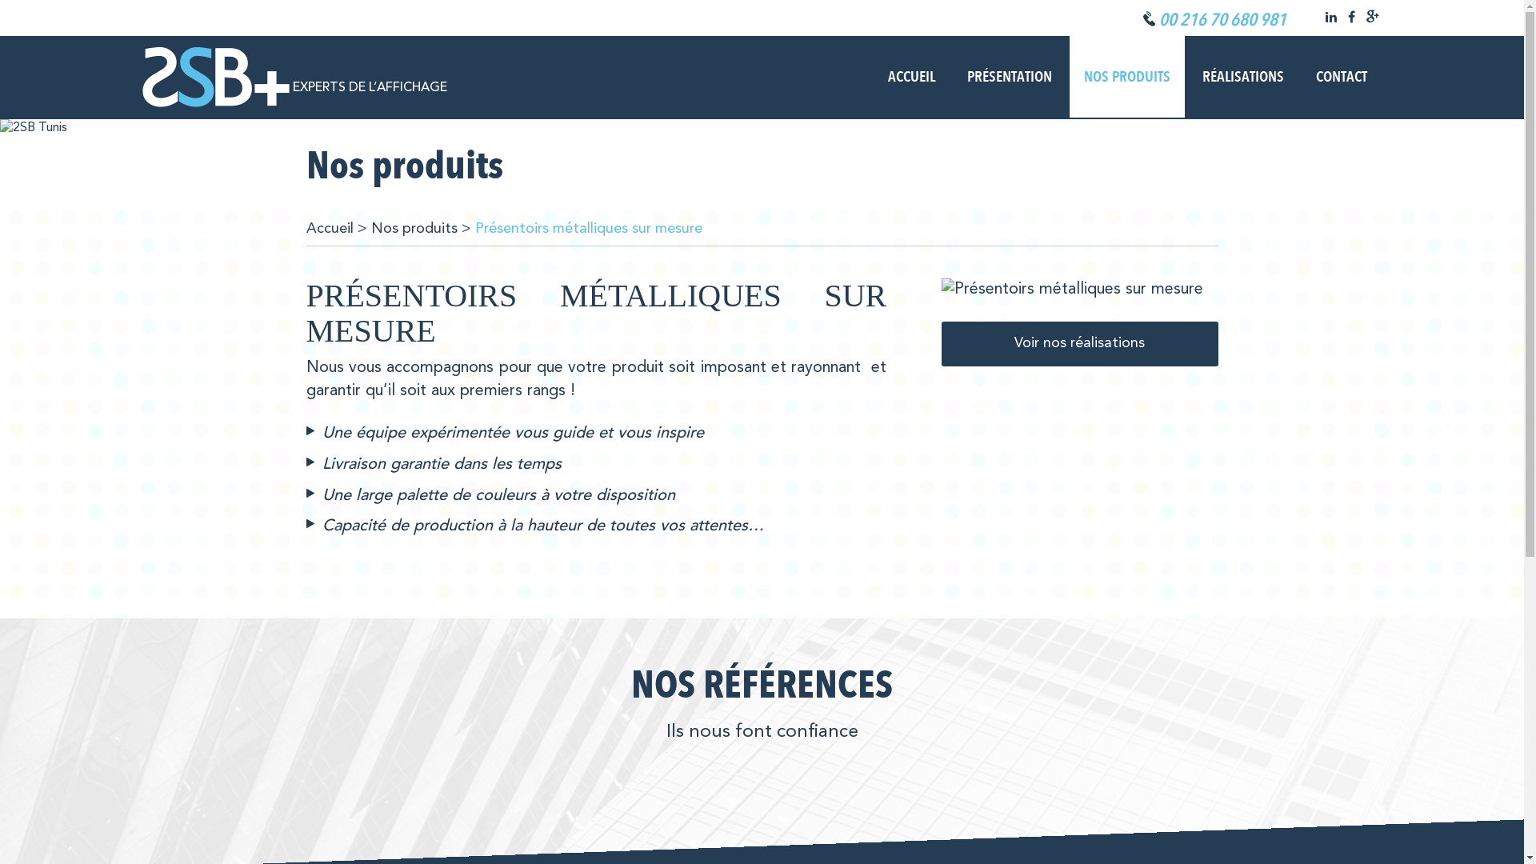 The image size is (1536, 864). I want to click on 'linkedin', so click(1330, 18).